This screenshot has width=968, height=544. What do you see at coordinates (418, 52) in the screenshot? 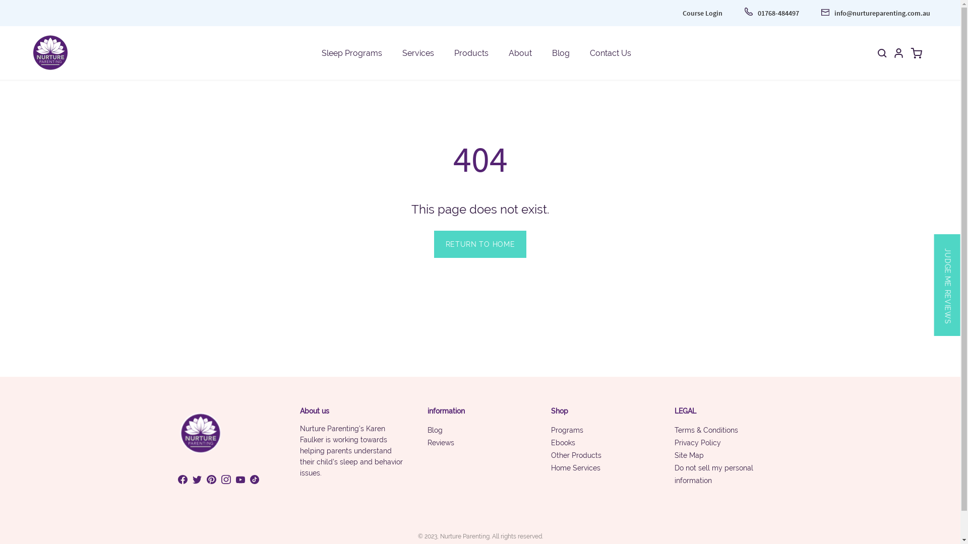
I see `'Services'` at bounding box center [418, 52].